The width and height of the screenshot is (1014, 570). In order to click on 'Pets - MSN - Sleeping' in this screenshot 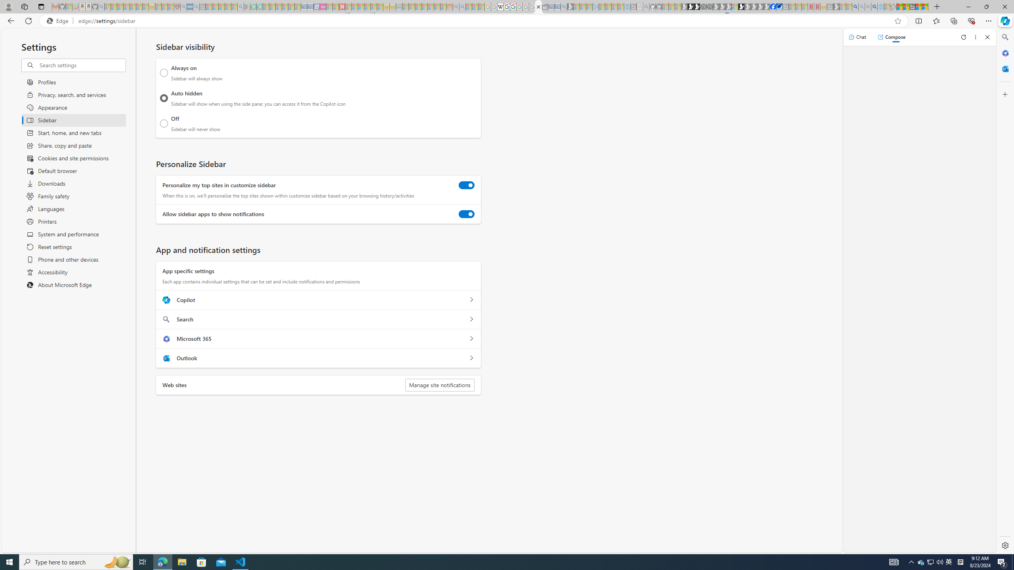, I will do `click(227, 6)`.